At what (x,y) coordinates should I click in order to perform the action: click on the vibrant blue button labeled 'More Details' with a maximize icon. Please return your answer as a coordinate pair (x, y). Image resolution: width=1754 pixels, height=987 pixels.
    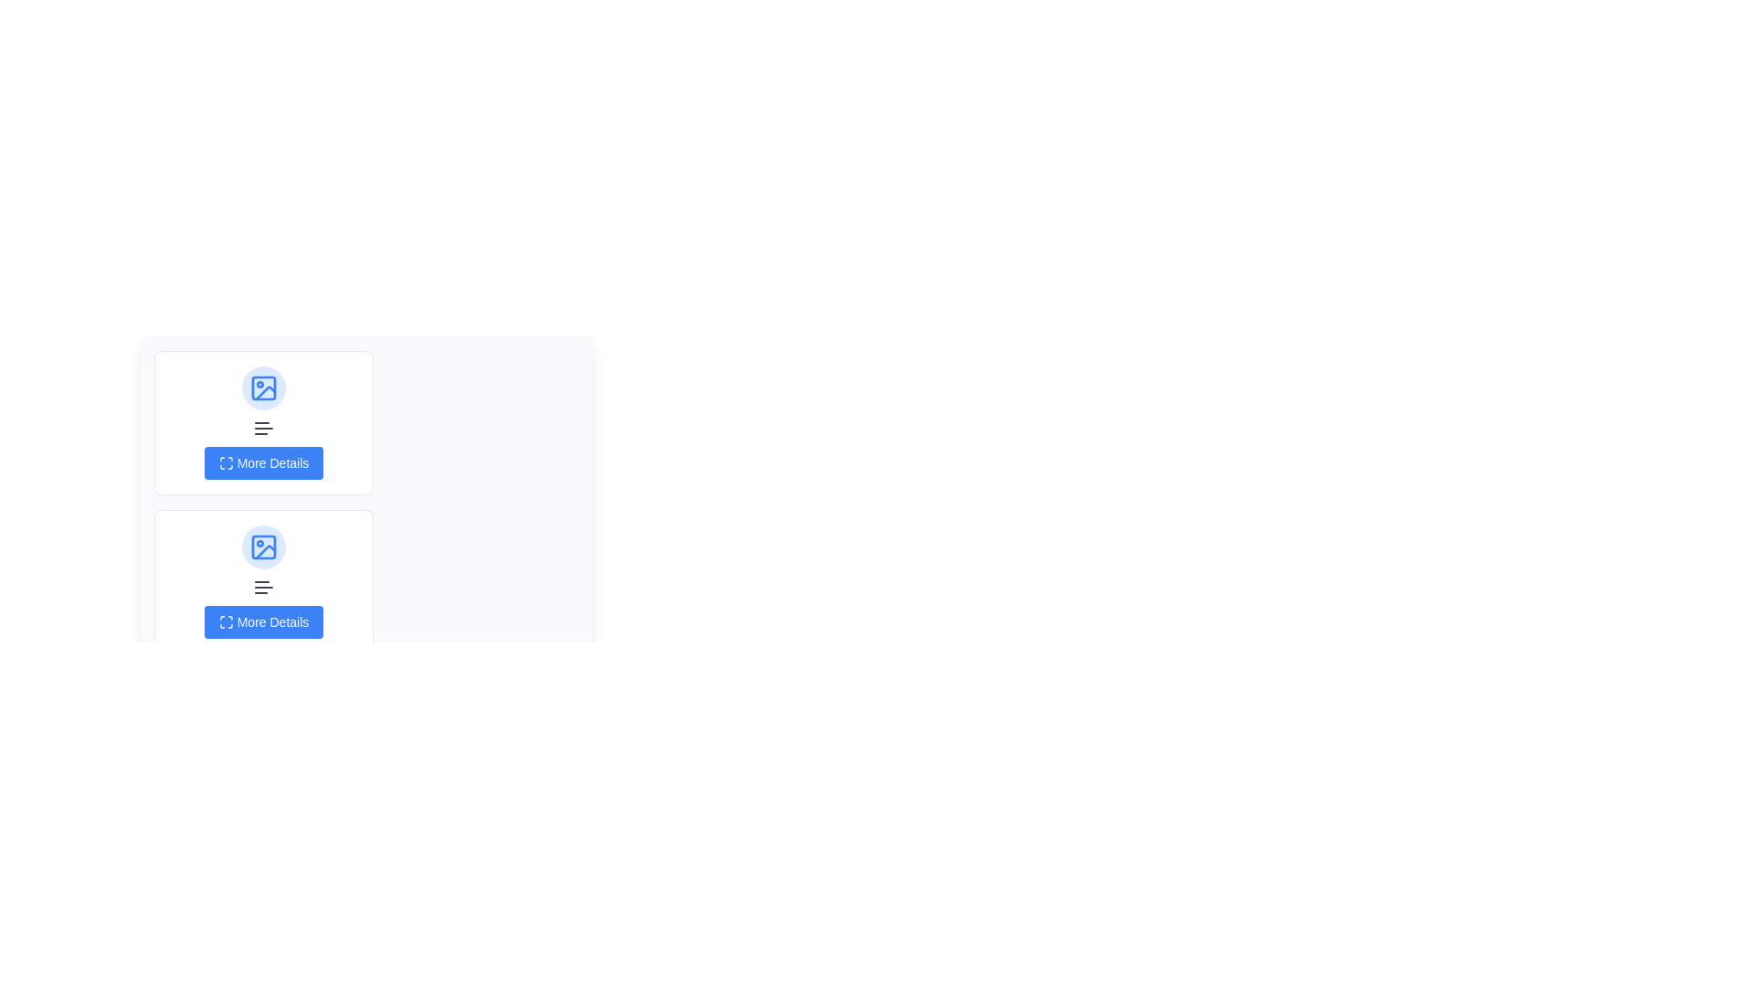
    Looking at the image, I should click on (262, 462).